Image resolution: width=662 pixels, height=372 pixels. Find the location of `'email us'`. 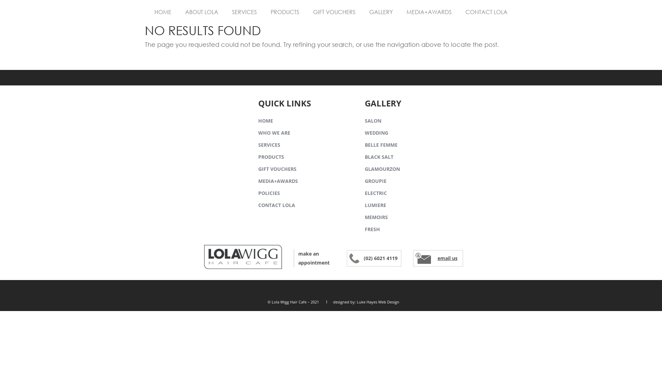

'email us' is located at coordinates (447, 258).